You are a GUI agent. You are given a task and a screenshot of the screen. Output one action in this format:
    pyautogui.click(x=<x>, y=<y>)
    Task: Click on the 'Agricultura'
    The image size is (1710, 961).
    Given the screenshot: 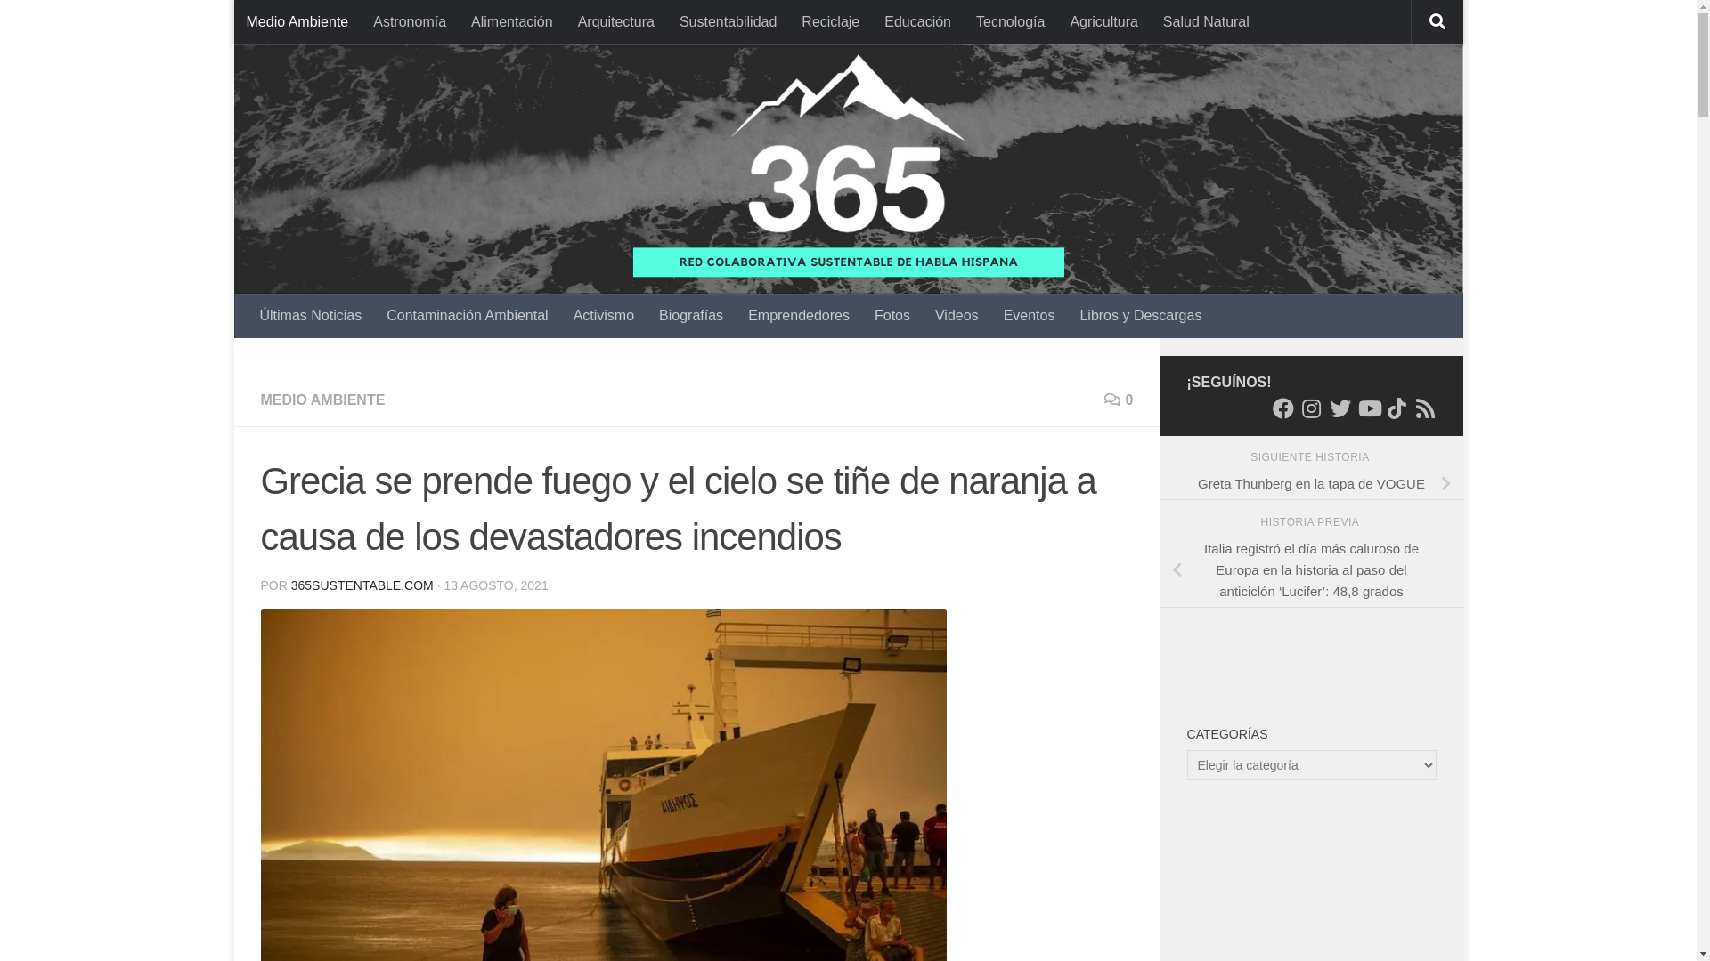 What is the action you would take?
    pyautogui.click(x=1102, y=21)
    